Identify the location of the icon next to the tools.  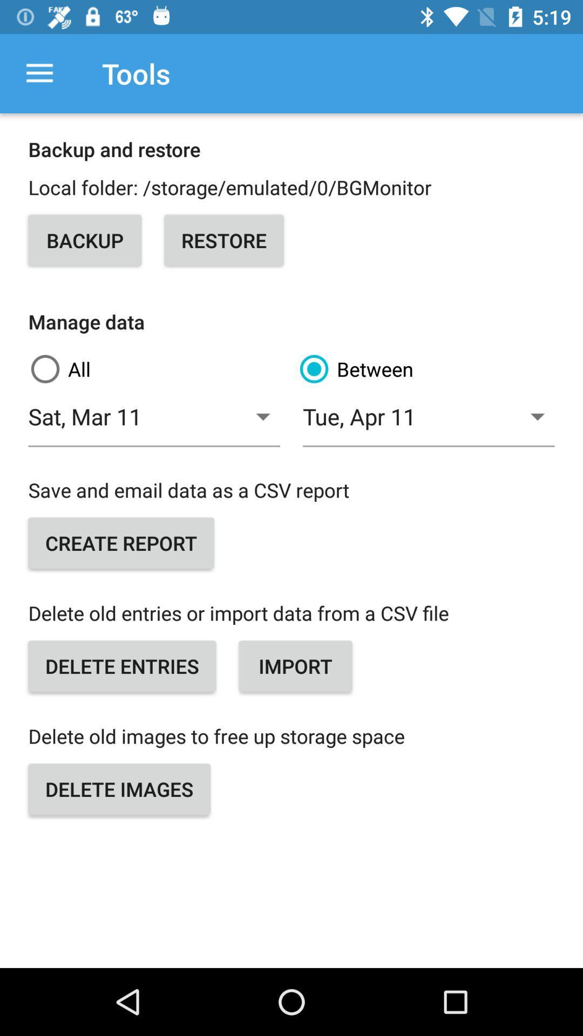
(39, 73).